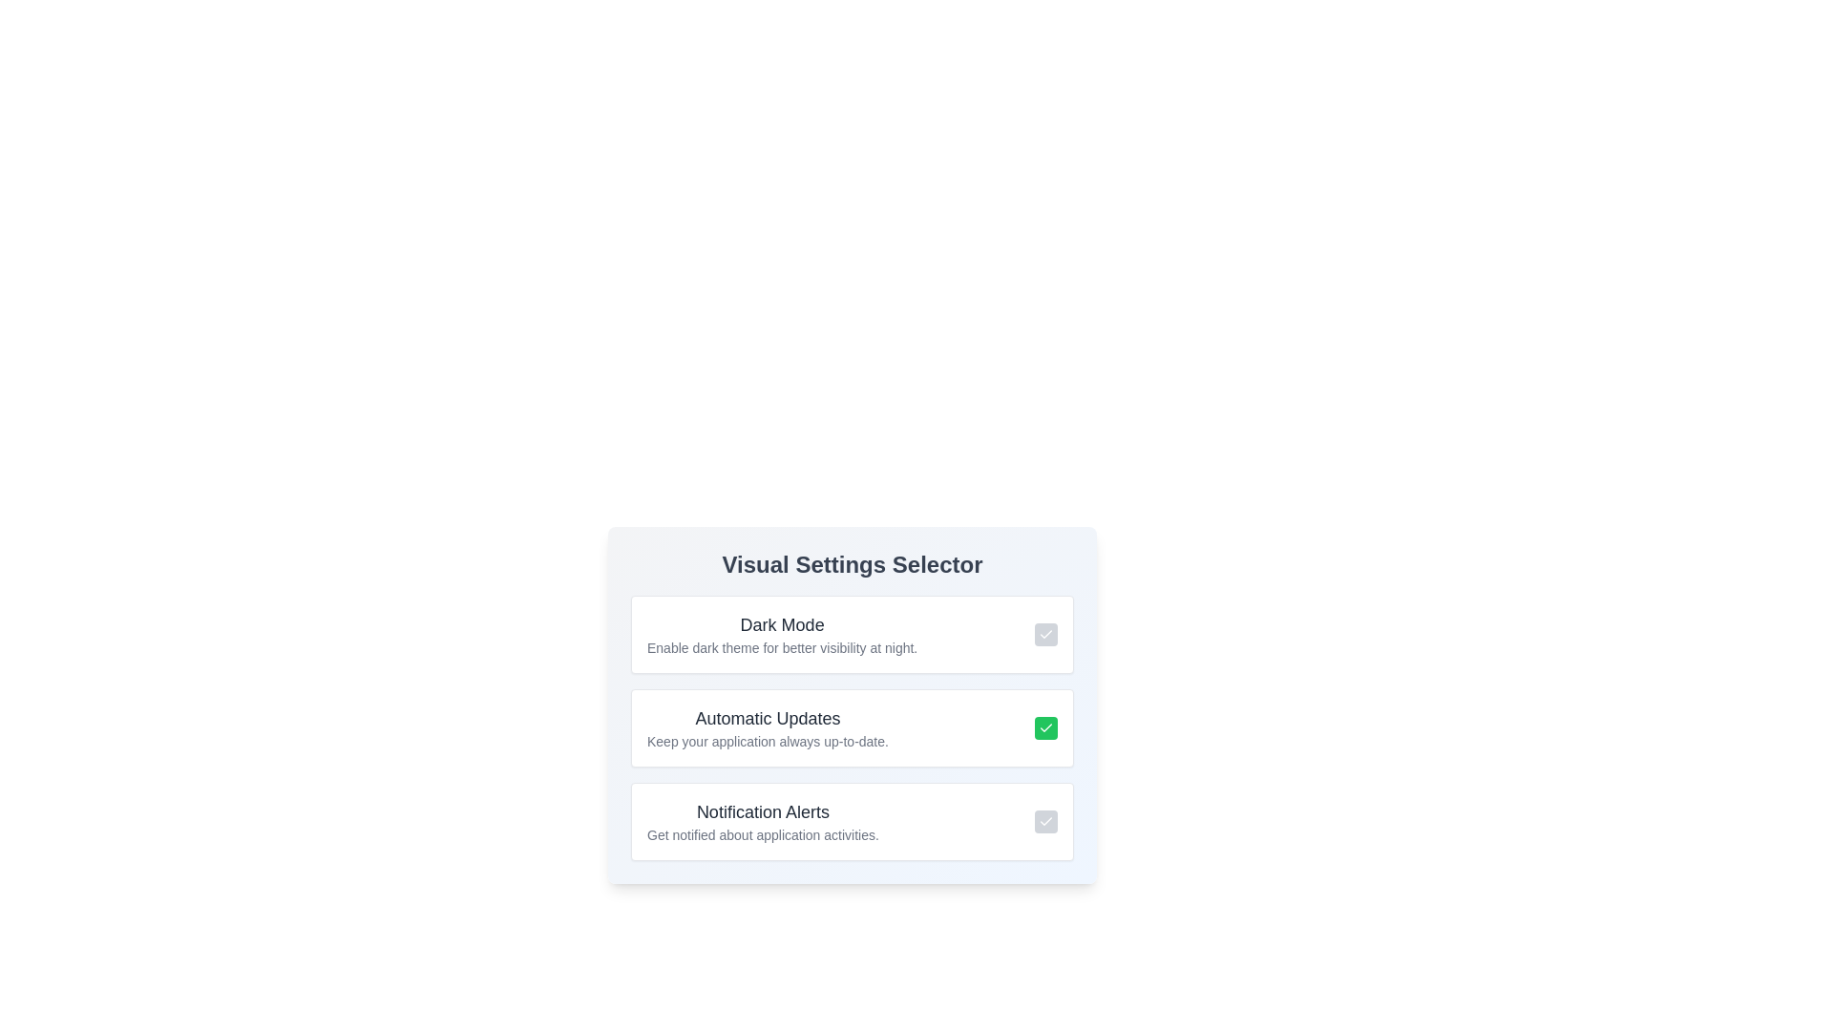  Describe the element at coordinates (1044, 728) in the screenshot. I see `the Check Icon indicating the enabled state of the 'Automatic Updates' setting, which is integrated within a small green square button located to the right of the 'Automatic Updates' label` at that location.